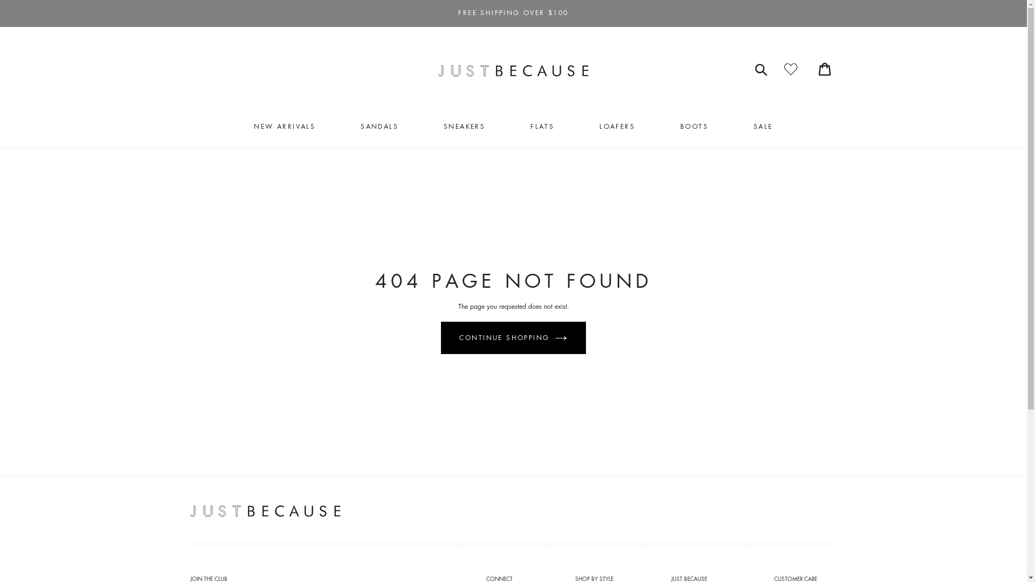 The image size is (1035, 582). What do you see at coordinates (464, 126) in the screenshot?
I see `'SNEAKERS'` at bounding box center [464, 126].